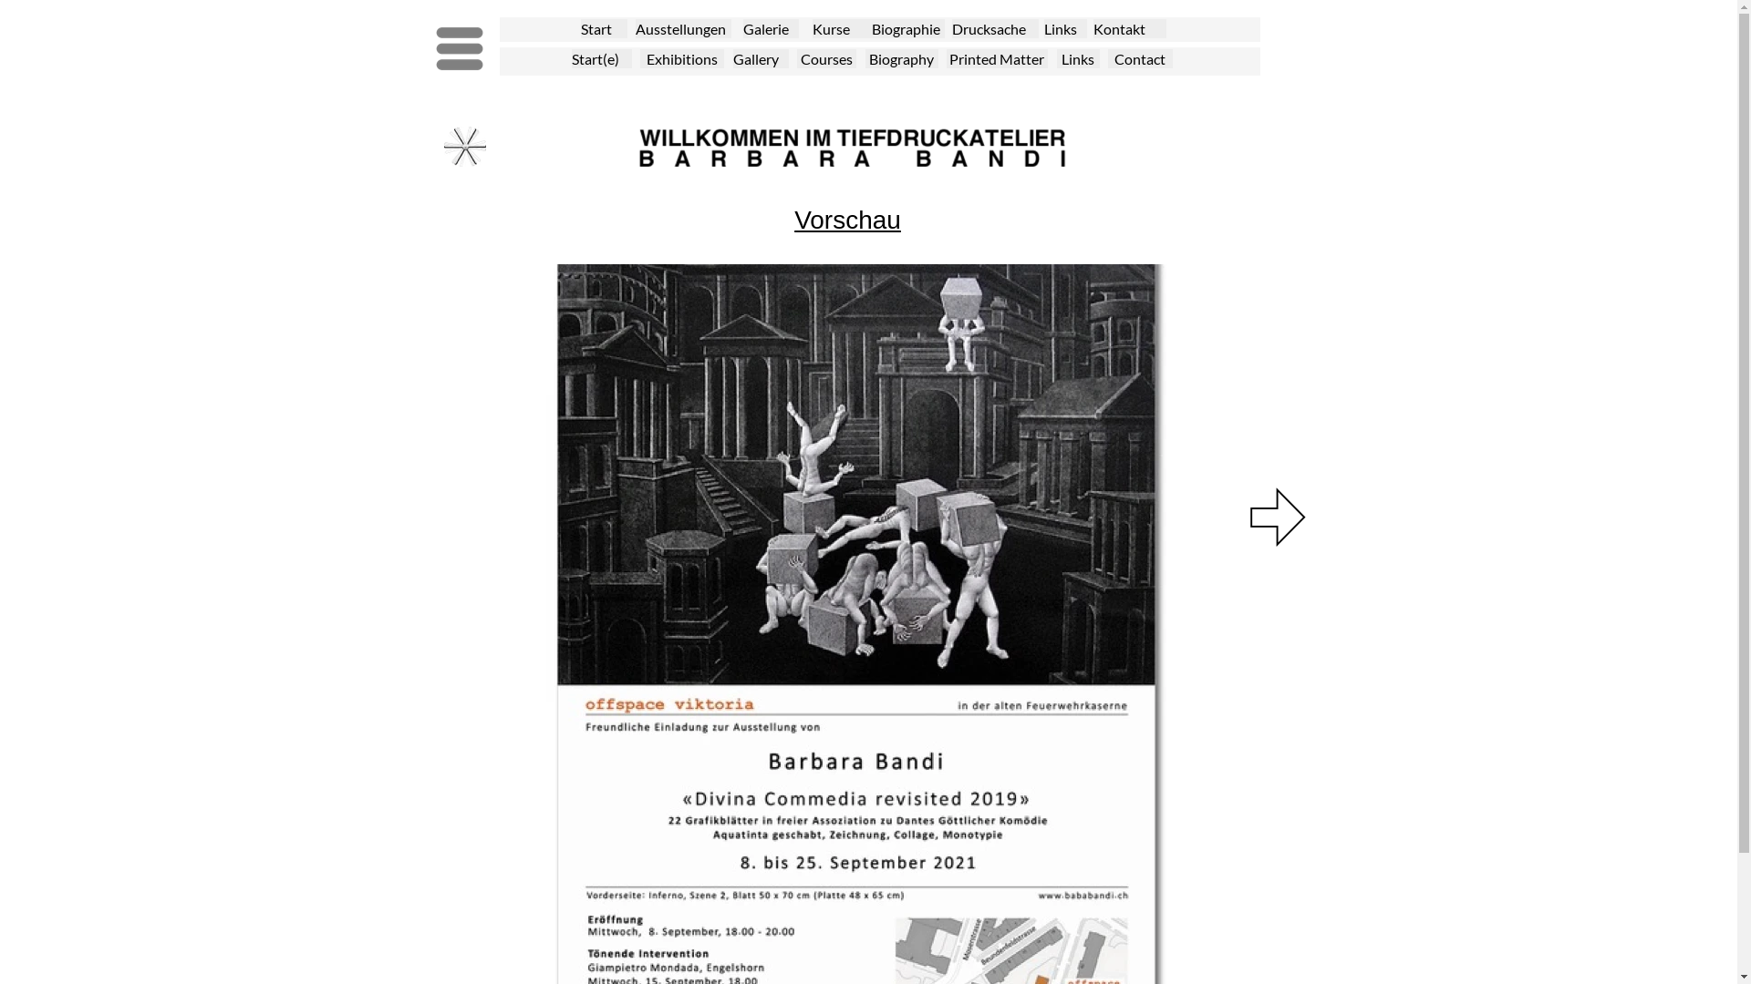  What do you see at coordinates (600, 59) in the screenshot?
I see `'Start(e)'` at bounding box center [600, 59].